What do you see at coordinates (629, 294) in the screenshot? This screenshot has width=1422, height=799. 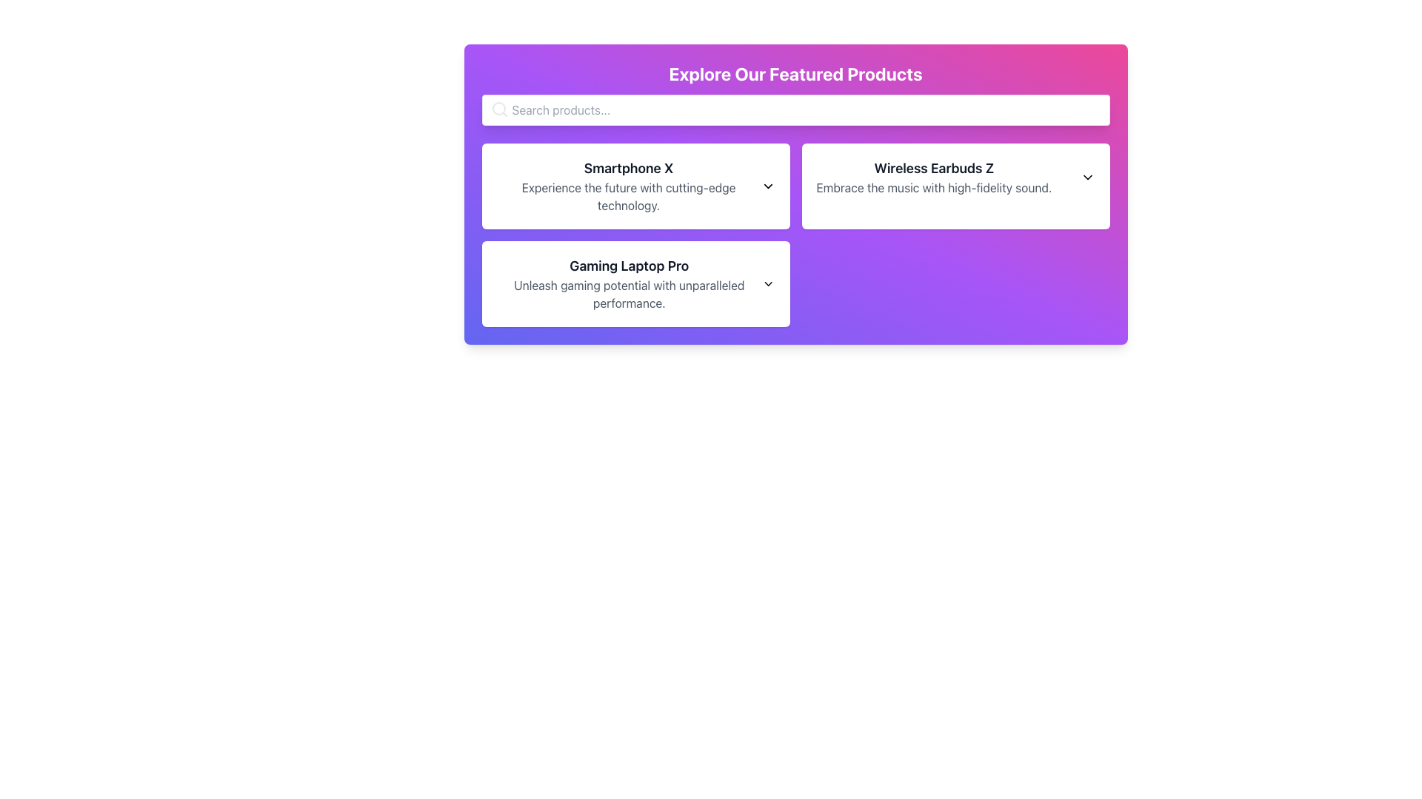 I see `the Static Text element that displays 'Unleash gaming potential with unparalleled performance.' positioned below the title 'Gaming Laptop Pro' in the card interface` at bounding box center [629, 294].